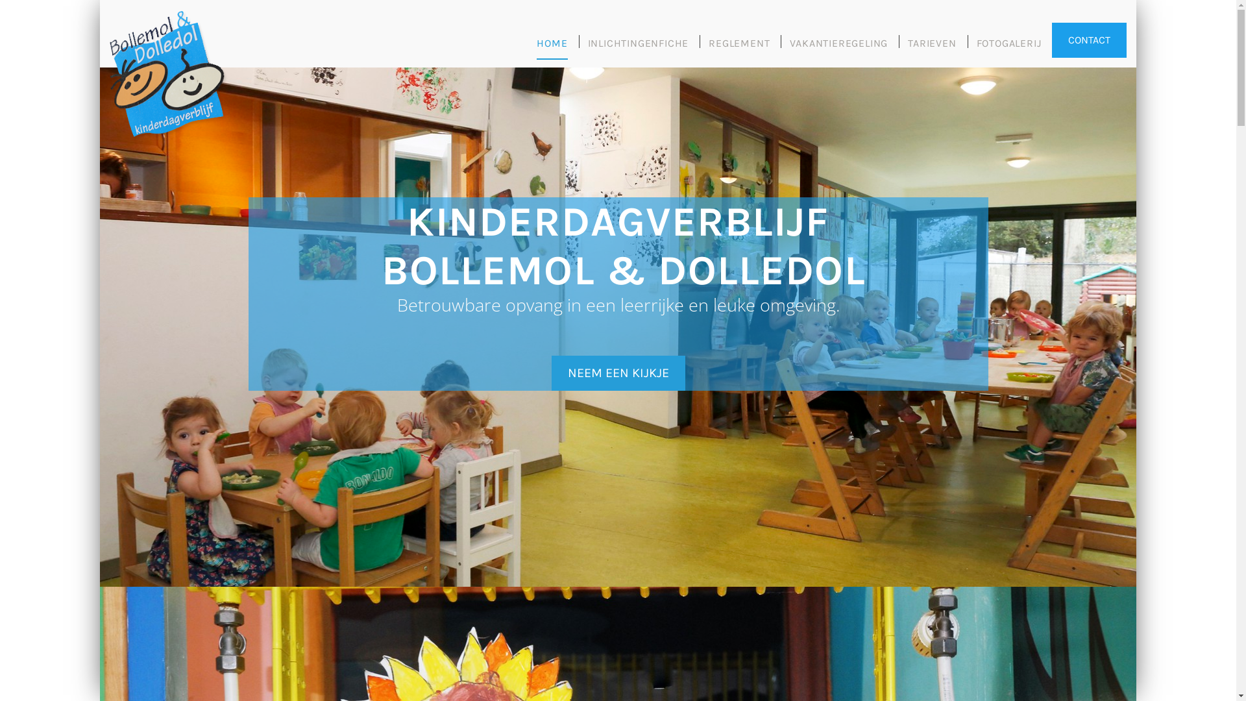 This screenshot has width=1246, height=701. What do you see at coordinates (789, 47) in the screenshot?
I see `'VAKANTIEREGELING'` at bounding box center [789, 47].